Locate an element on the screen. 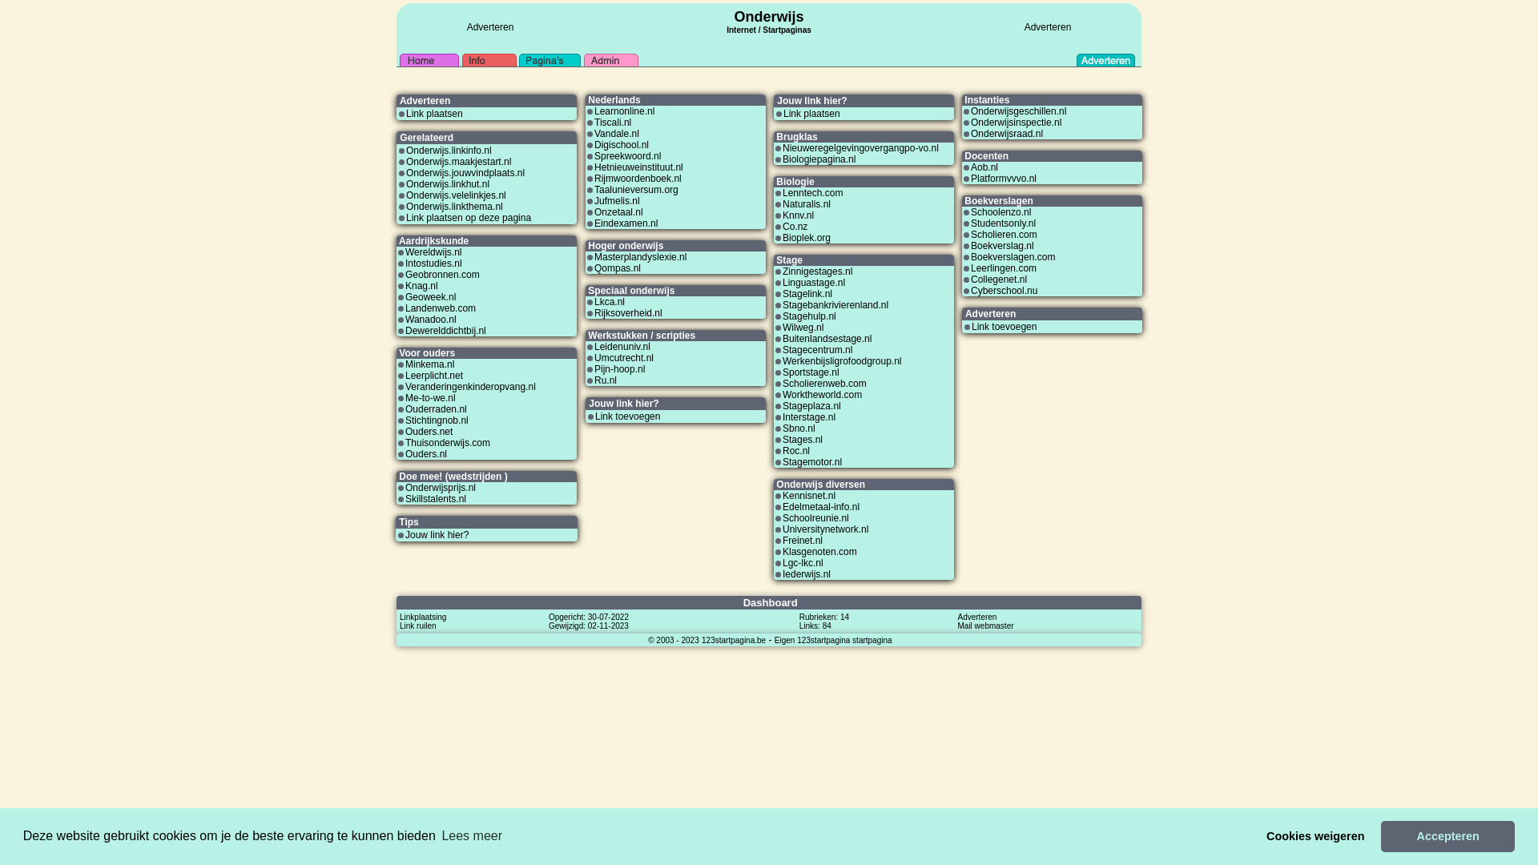 This screenshot has height=865, width=1538. 'Stageplaza.nl' is located at coordinates (811, 404).